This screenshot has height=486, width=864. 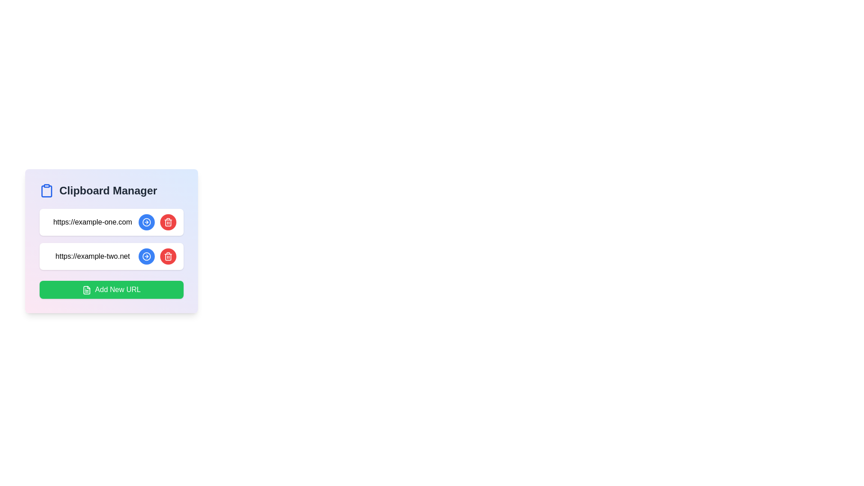 I want to click on the circular outline located within the right-pointing arrow icon next to the URL 'https://example-two.net', so click(x=147, y=222).